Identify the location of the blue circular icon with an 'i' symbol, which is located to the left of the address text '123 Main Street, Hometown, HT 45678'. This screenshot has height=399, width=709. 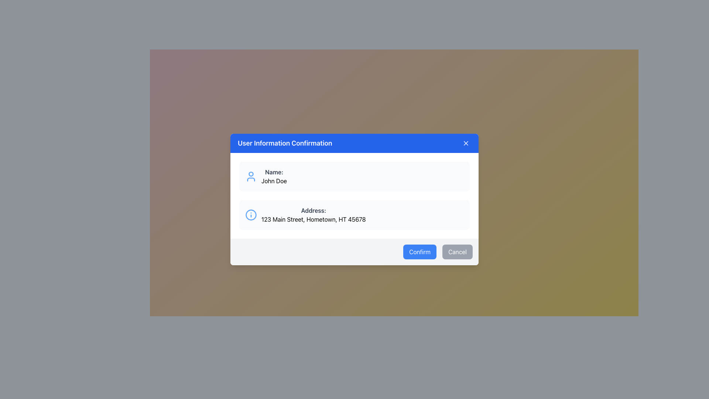
(251, 215).